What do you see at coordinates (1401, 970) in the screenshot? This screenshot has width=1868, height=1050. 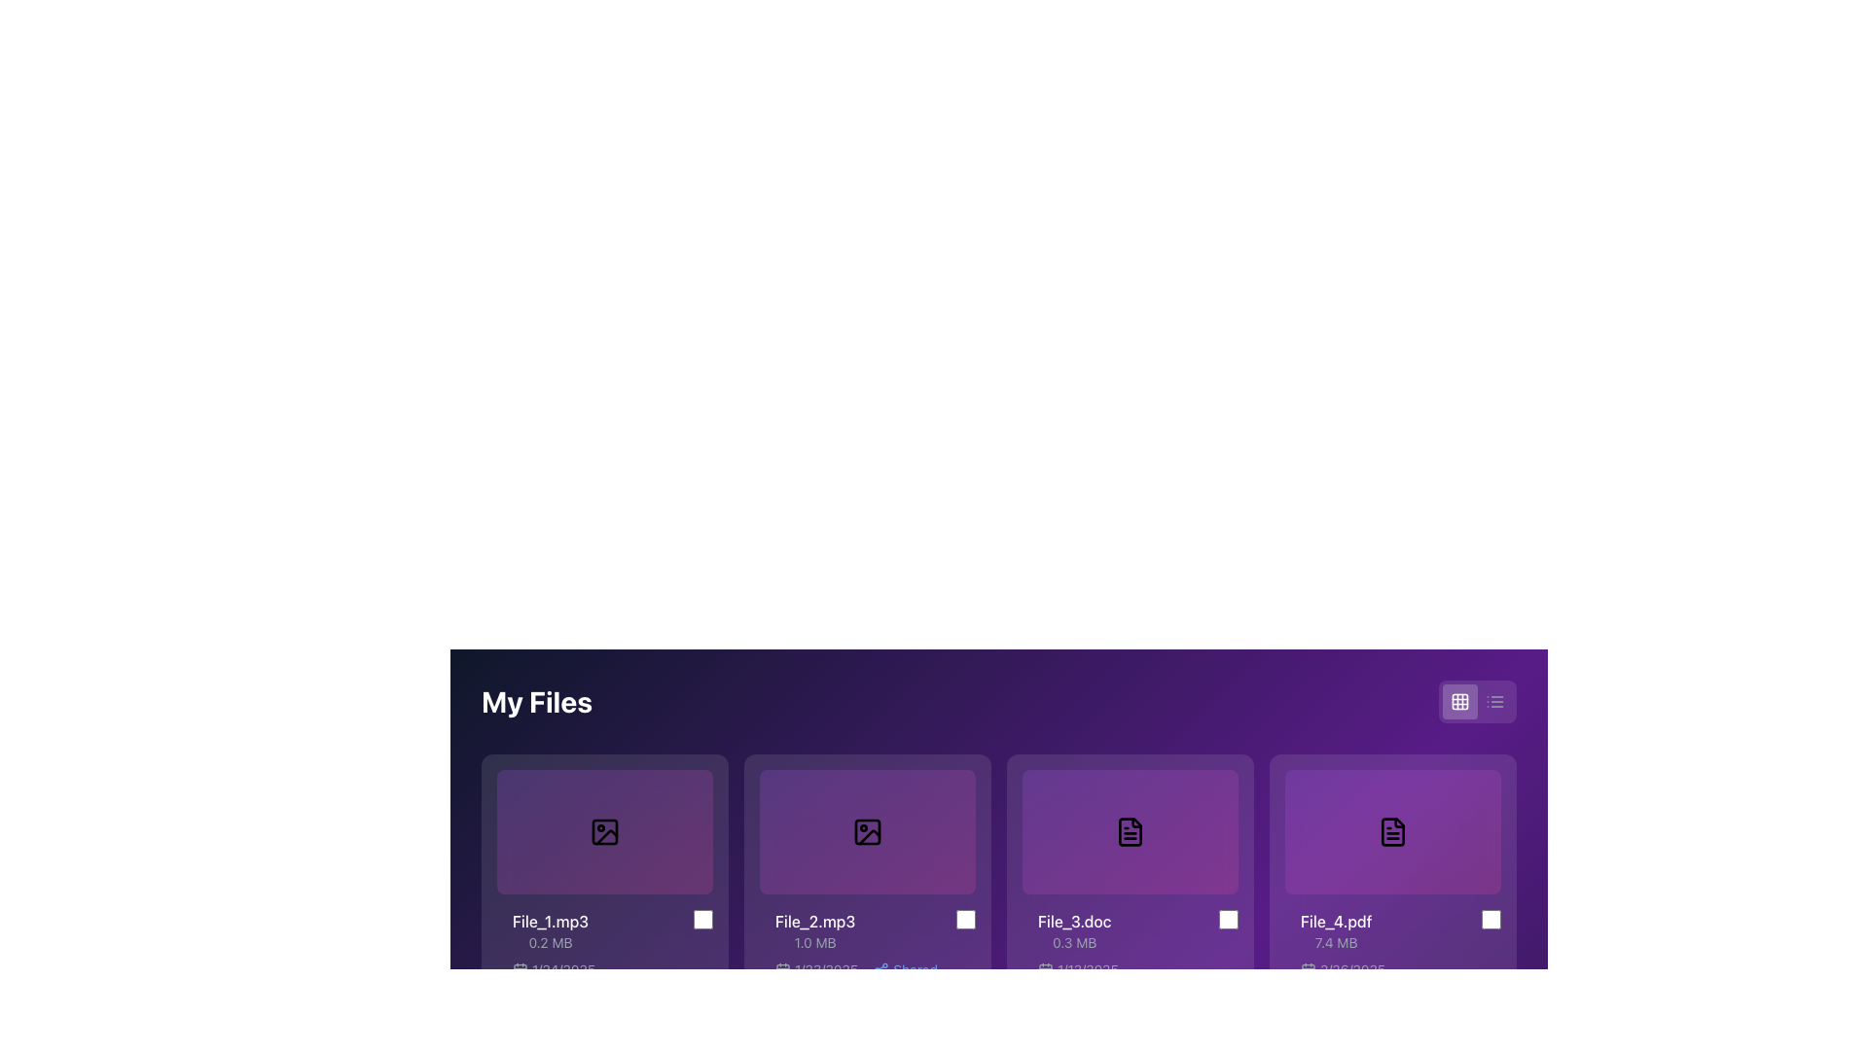 I see `date displayed in the gray font label beneath the file size text '7.4 MB' for the file 'File_4.pdf'` at bounding box center [1401, 970].